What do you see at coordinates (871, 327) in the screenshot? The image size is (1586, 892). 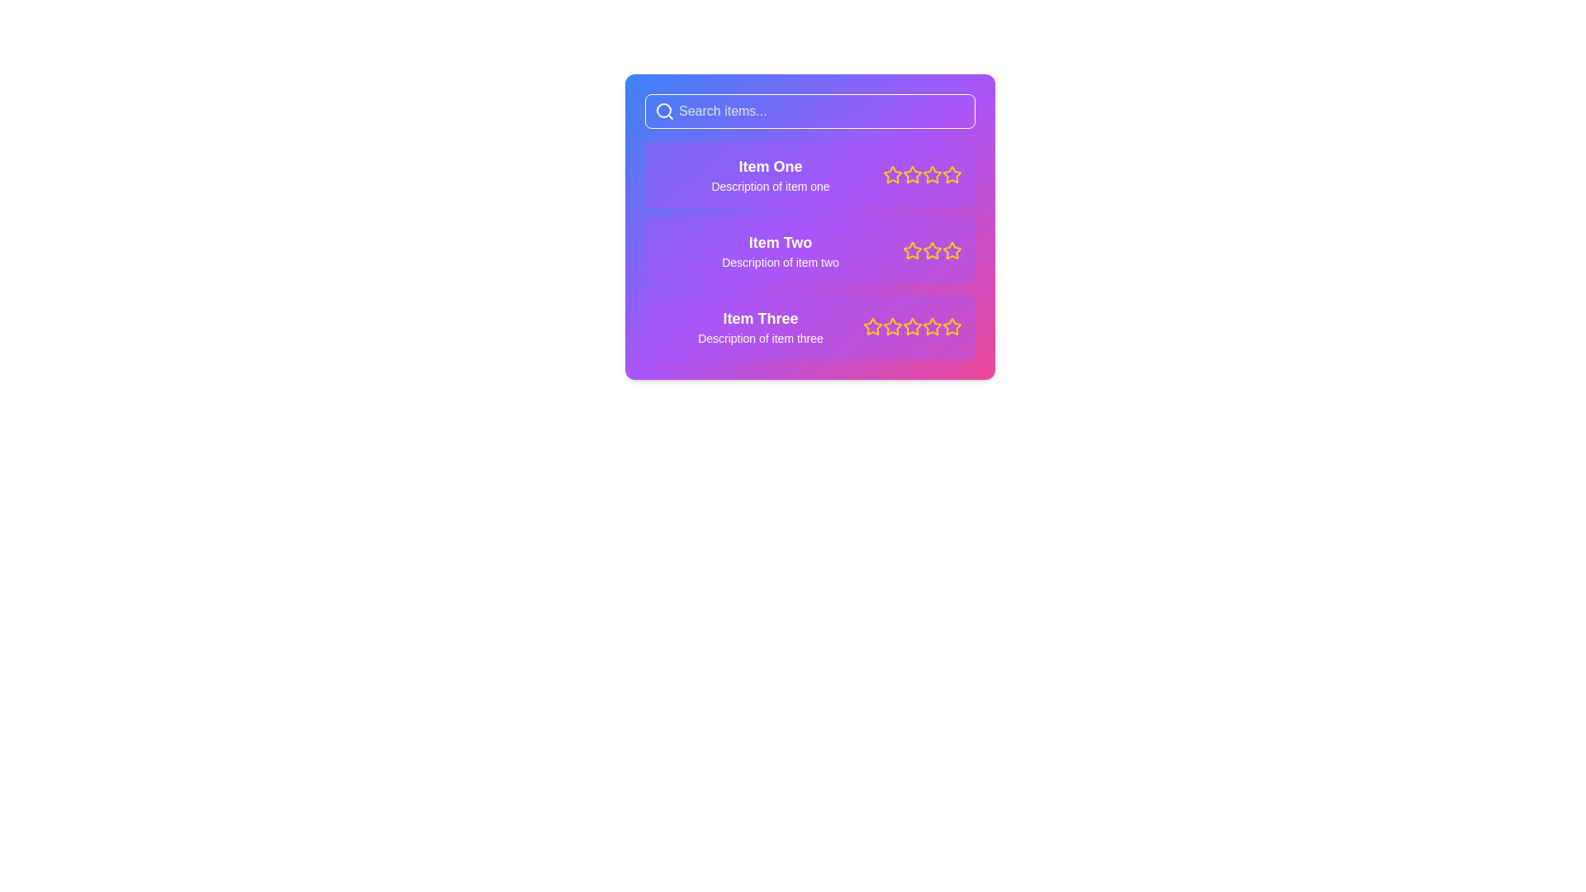 I see `the first star icon in the rating section for 'Item Three'` at bounding box center [871, 327].